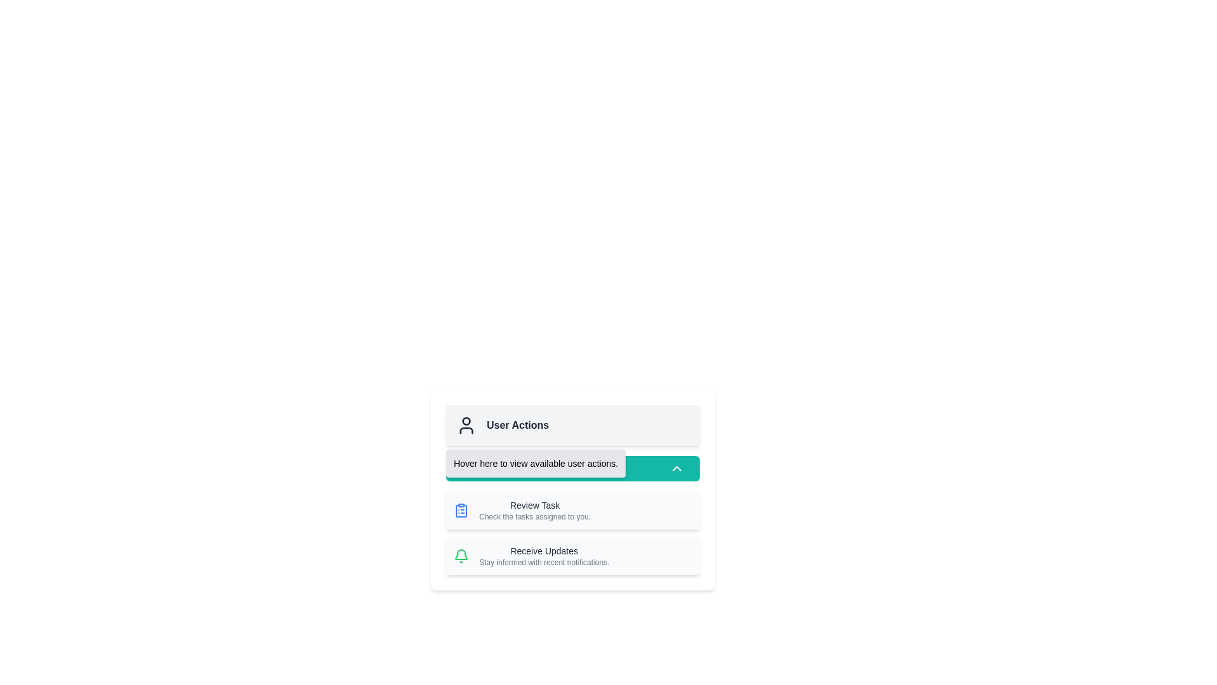  Describe the element at coordinates (572, 469) in the screenshot. I see `the 'Action Details' button, which has a teal background and white text, to trigger visual feedback` at that location.